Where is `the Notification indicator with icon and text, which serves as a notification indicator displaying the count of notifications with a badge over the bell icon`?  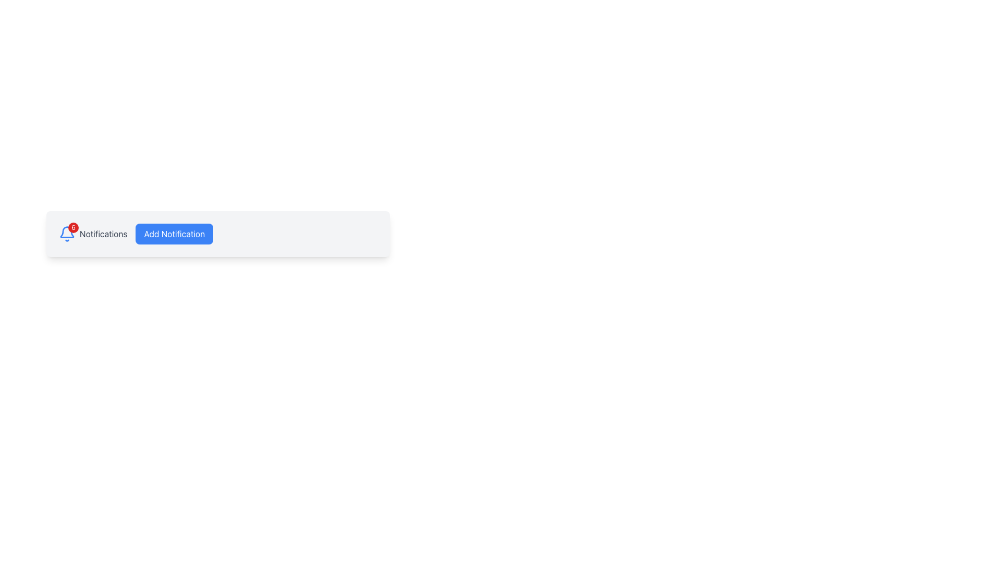 the Notification indicator with icon and text, which serves as a notification indicator displaying the count of notifications with a badge over the bell icon is located at coordinates (93, 233).